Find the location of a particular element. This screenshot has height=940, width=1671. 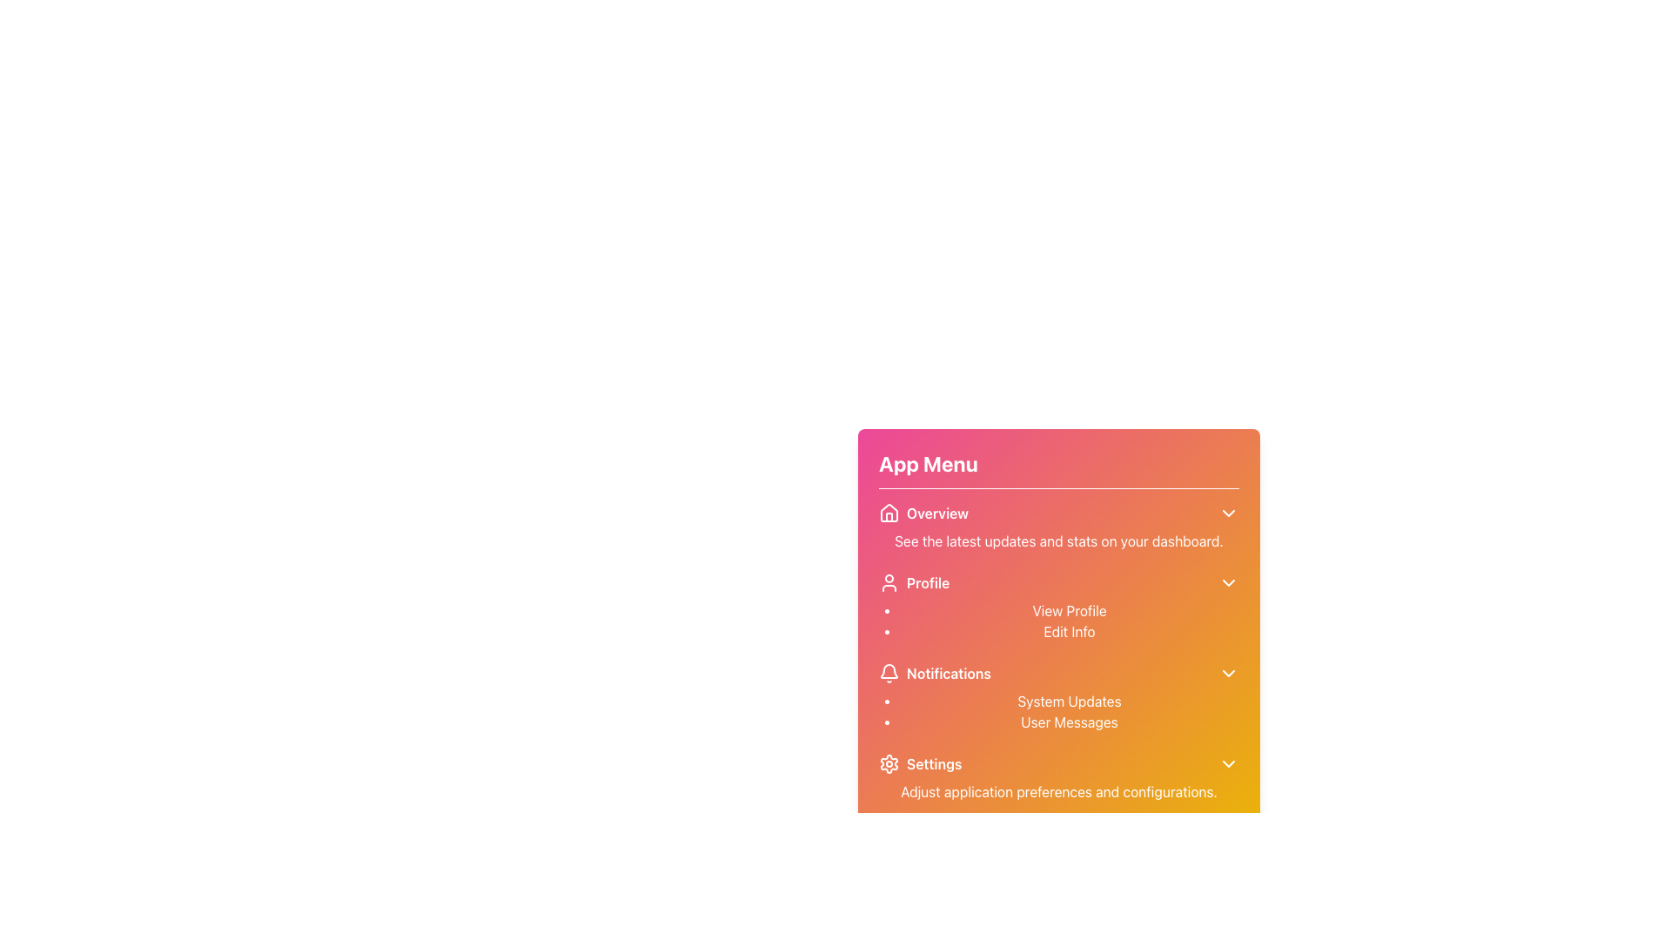

the 'Overview' menu item icon located in the 'App Menu' is located at coordinates (889, 512).